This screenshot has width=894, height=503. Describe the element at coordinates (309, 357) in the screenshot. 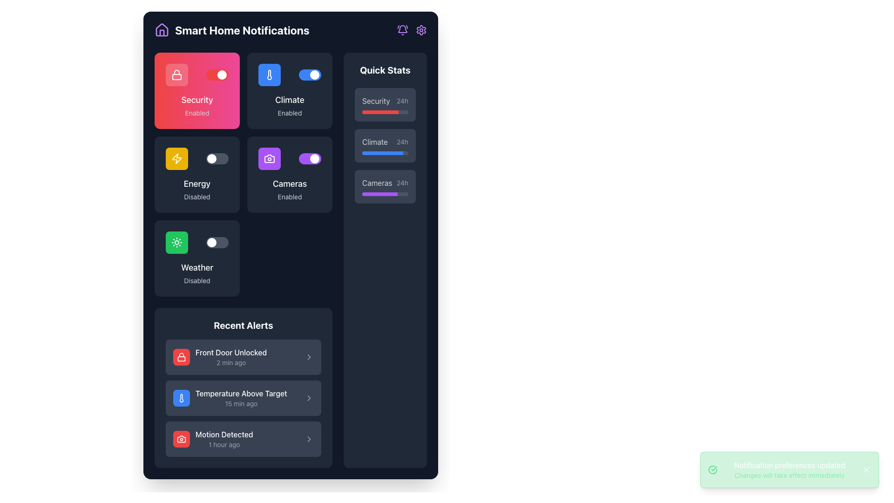

I see `the right-pointing chevron icon located at the rightmost position of the 'Front Door Unlocked' module` at that location.